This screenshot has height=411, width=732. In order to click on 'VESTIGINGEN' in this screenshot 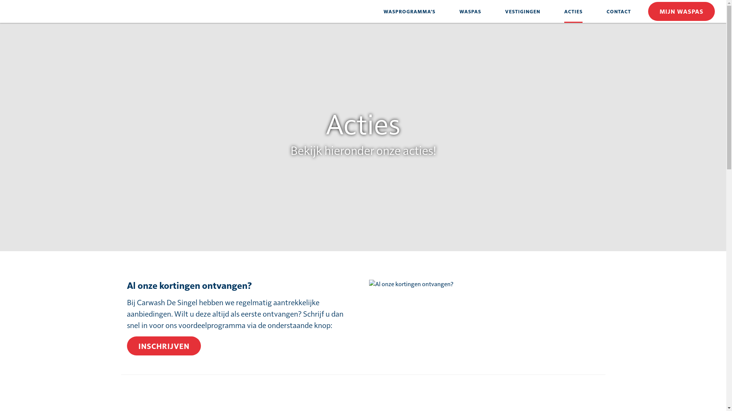, I will do `click(522, 11)`.